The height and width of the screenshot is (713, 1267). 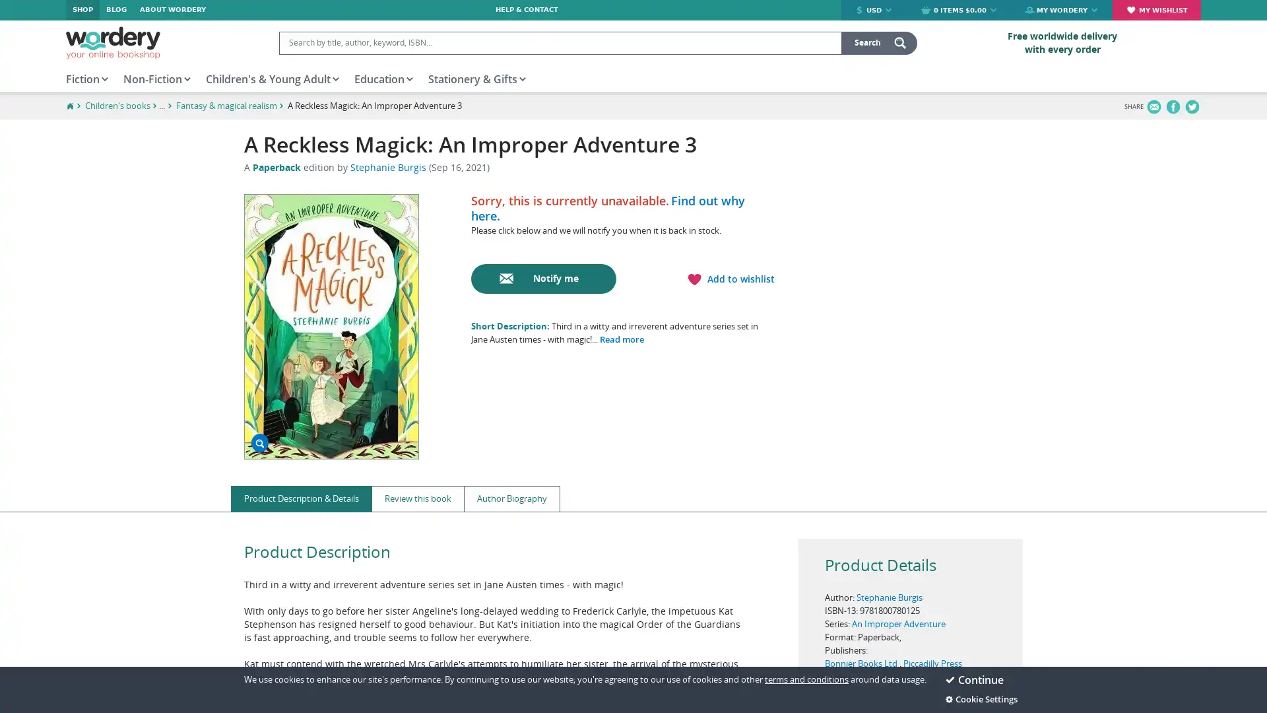 What do you see at coordinates (542, 277) in the screenshot?
I see `Notify me` at bounding box center [542, 277].